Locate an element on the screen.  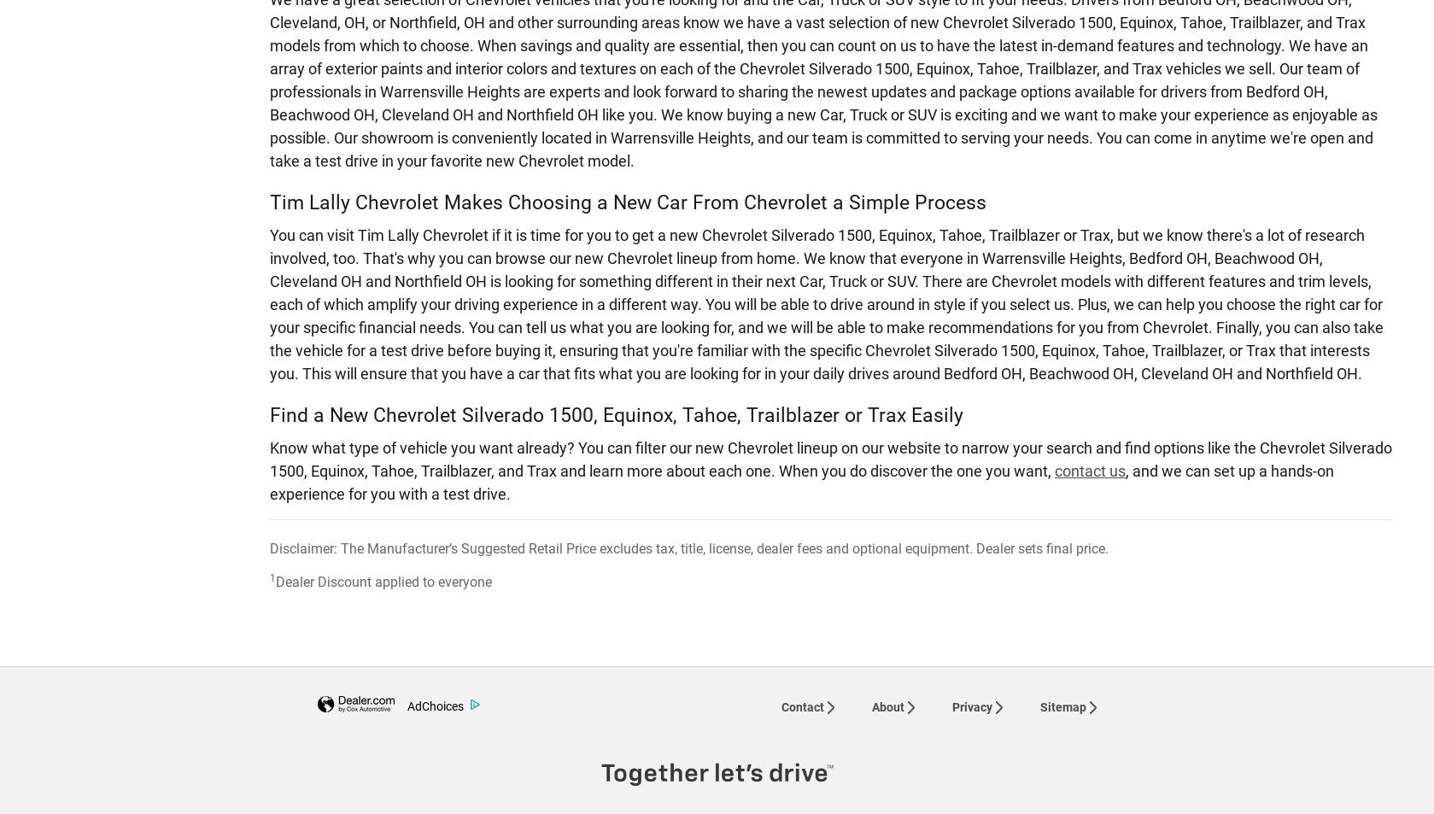
', and we can set up a hands-on experience for you with a test drive.' is located at coordinates (801, 481).